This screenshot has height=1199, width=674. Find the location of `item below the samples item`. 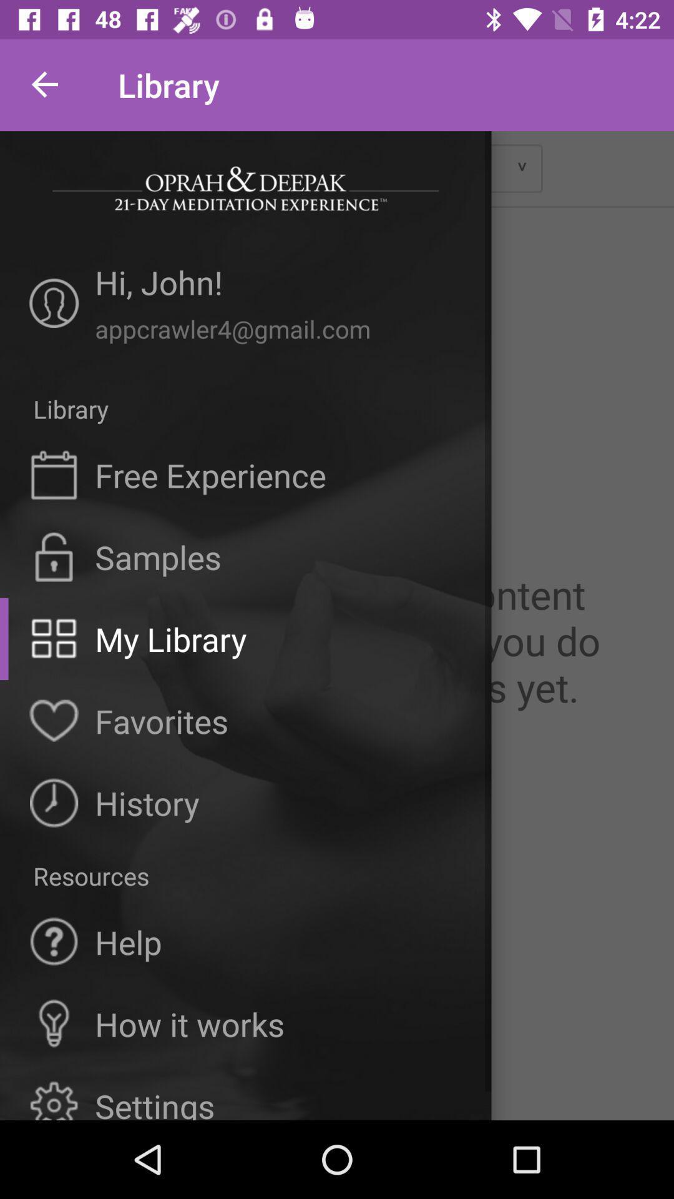

item below the samples item is located at coordinates (170, 639).